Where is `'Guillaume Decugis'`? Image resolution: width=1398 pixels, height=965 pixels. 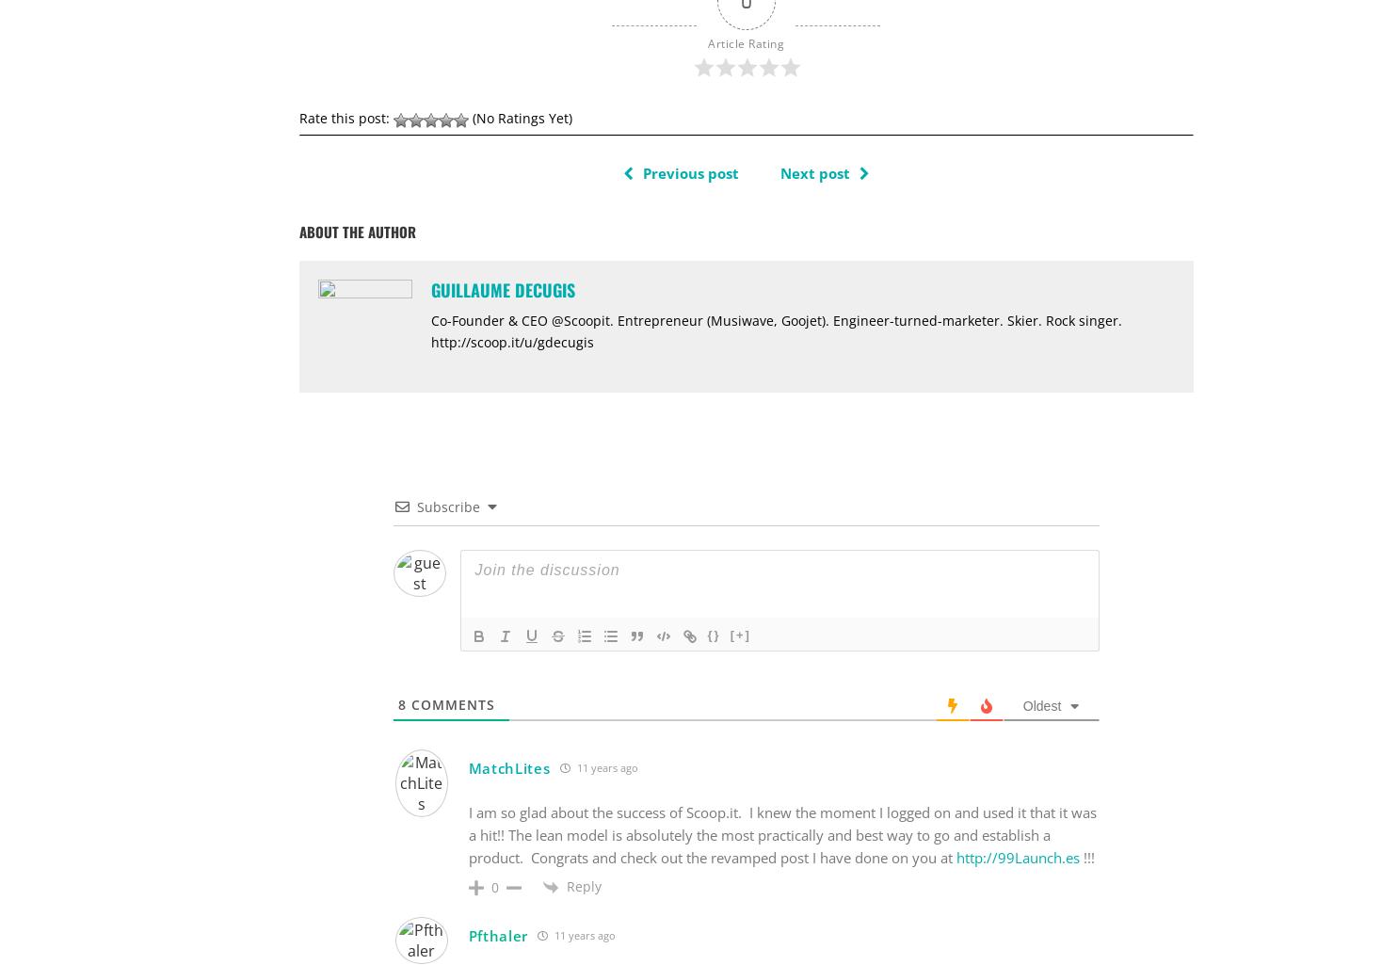 'Guillaume Decugis' is located at coordinates (501, 288).